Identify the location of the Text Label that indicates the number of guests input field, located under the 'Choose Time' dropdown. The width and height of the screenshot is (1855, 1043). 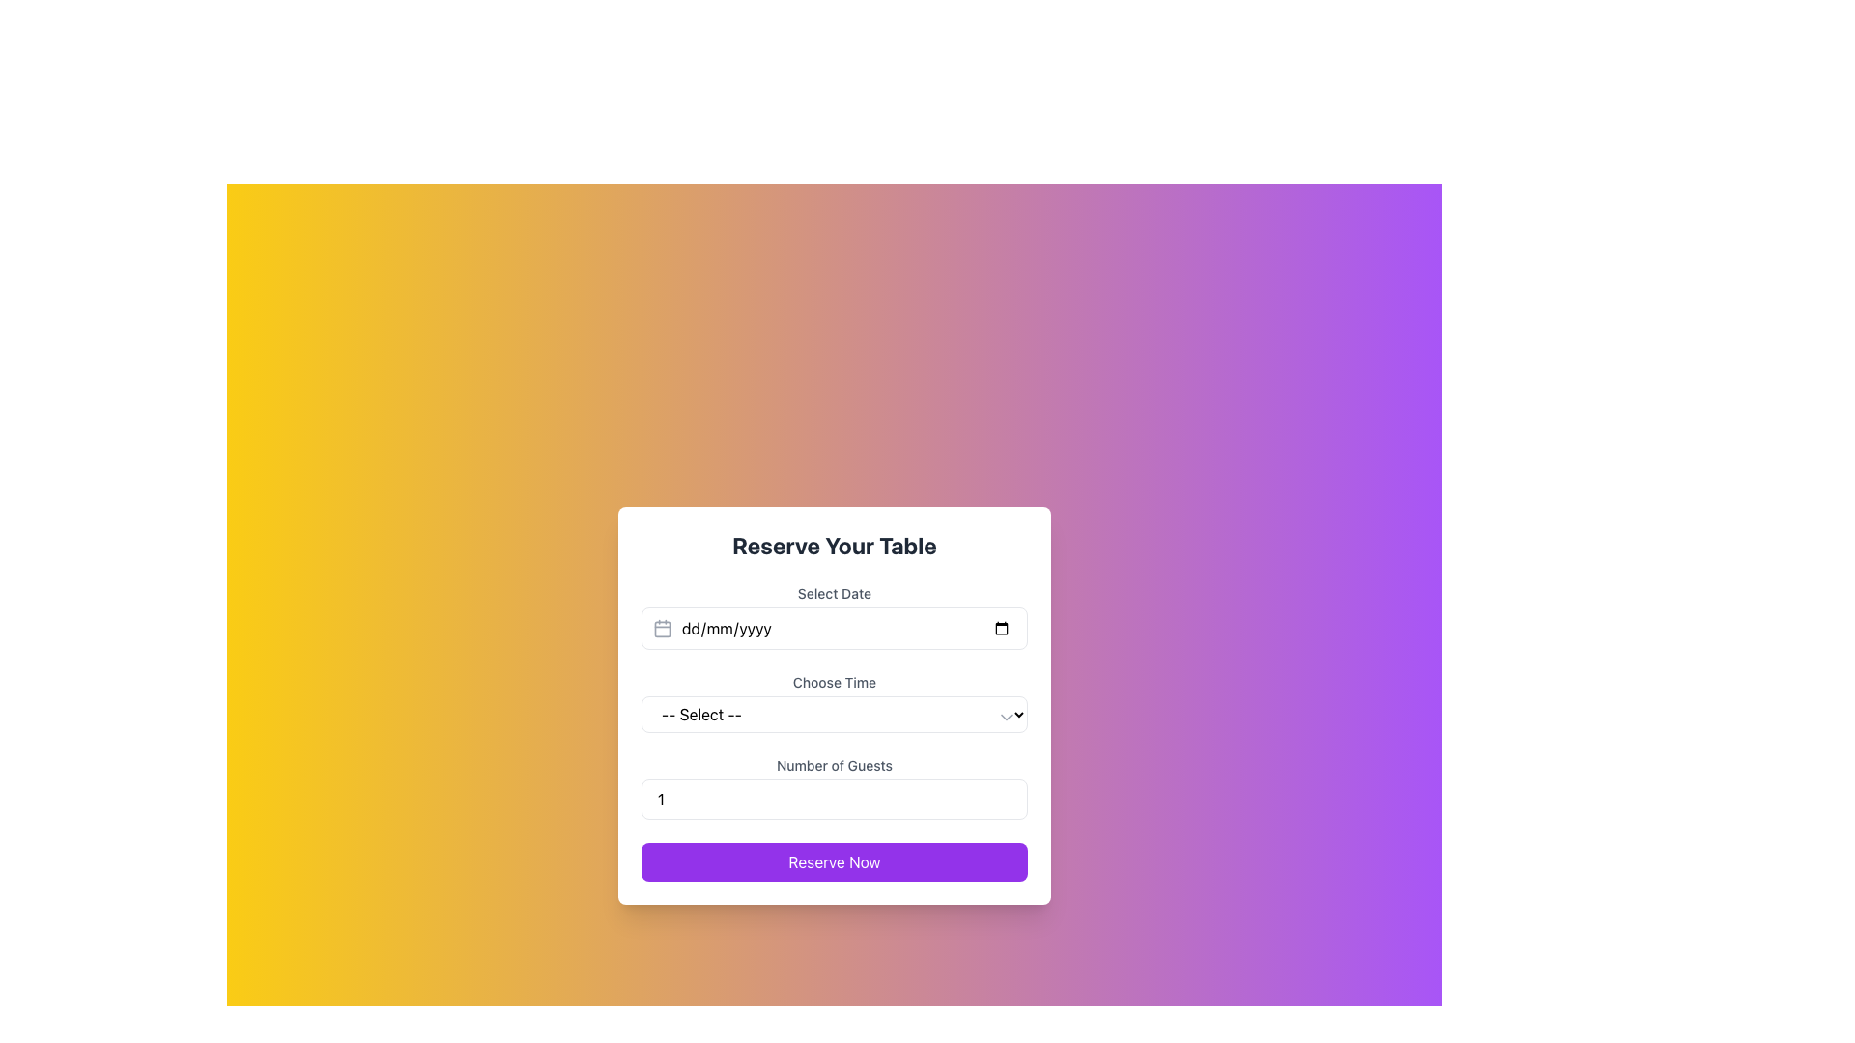
(835, 765).